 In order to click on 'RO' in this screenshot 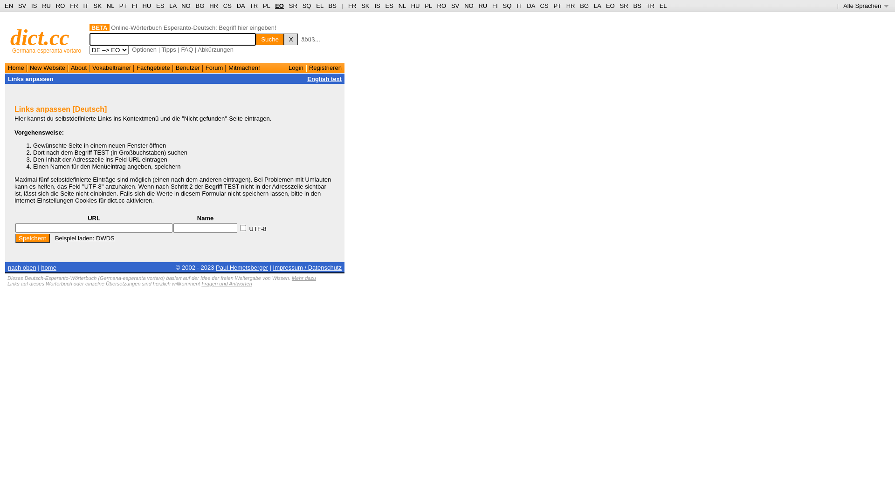, I will do `click(60, 6)`.